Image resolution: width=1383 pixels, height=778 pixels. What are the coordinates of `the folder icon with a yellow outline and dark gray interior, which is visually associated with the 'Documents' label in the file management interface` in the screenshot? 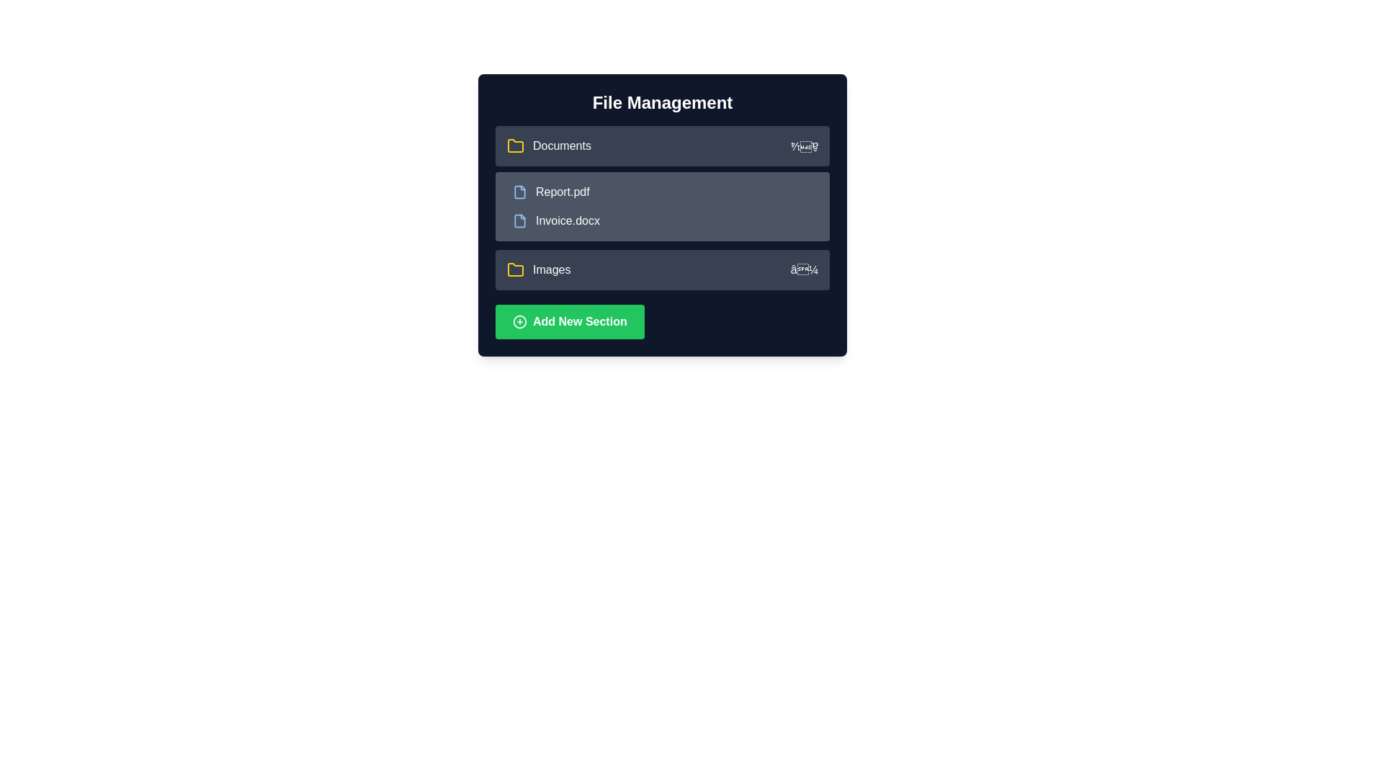 It's located at (515, 269).